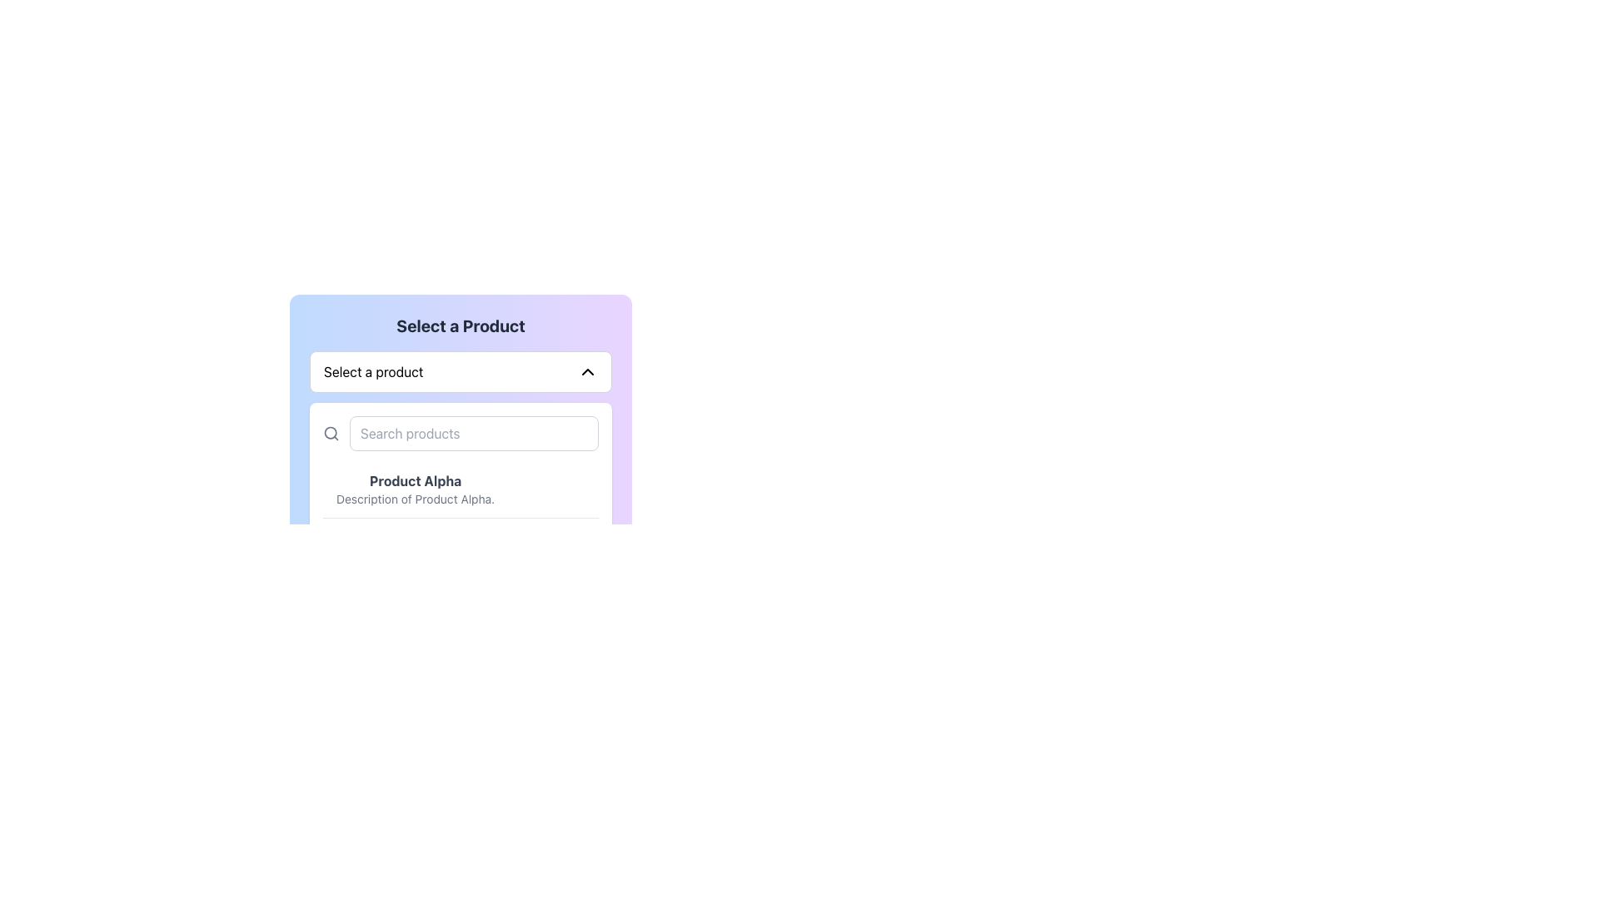 The width and height of the screenshot is (1599, 899). What do you see at coordinates (416, 488) in the screenshot?
I see `the selectable item in the product dropdown list located in the 'Select a Product' box` at bounding box center [416, 488].